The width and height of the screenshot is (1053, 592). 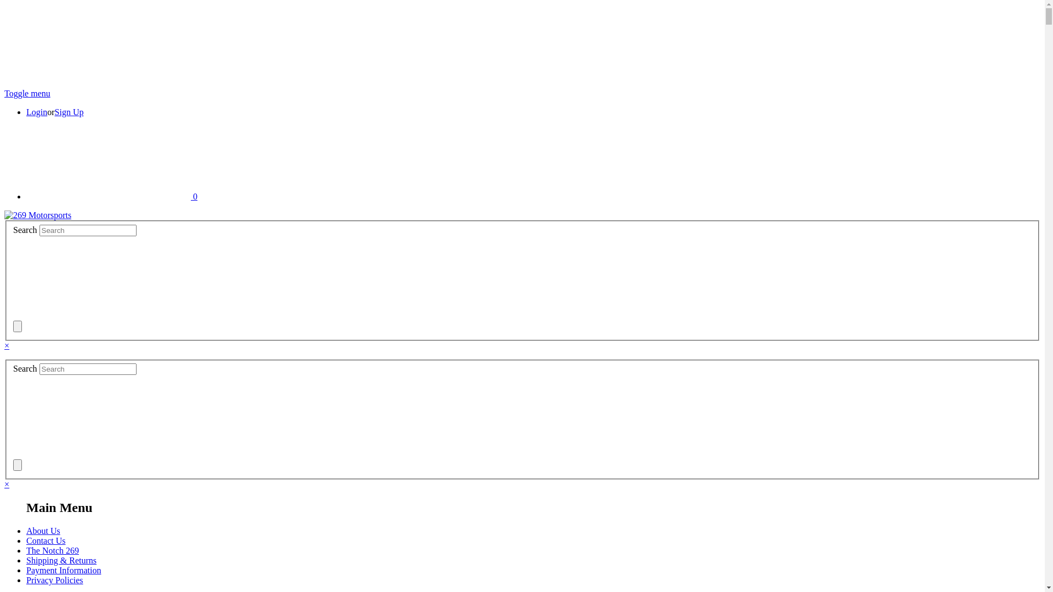 I want to click on 'Login', so click(x=37, y=112).